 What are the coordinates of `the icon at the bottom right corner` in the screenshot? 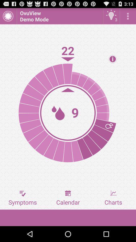 It's located at (113, 198).